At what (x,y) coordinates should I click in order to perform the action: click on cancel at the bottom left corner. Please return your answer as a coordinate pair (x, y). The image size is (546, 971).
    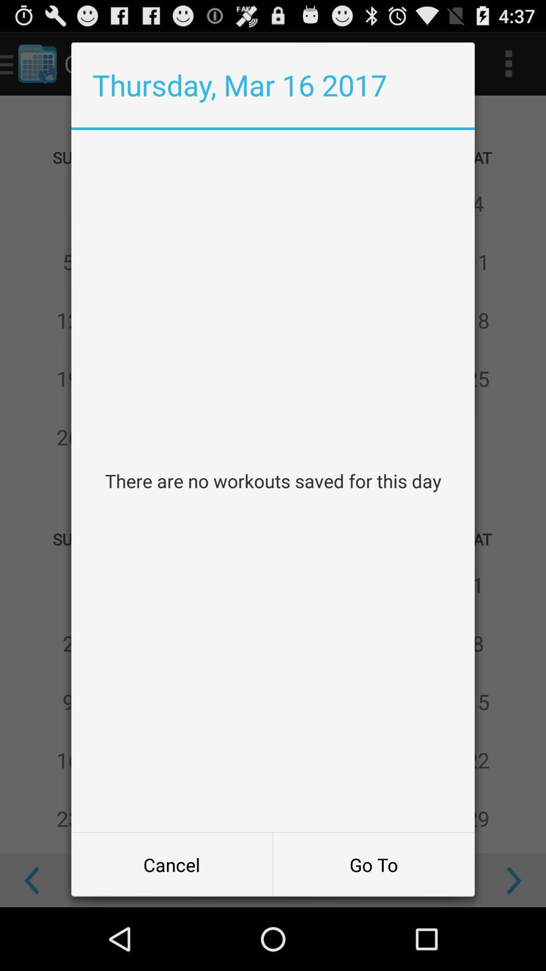
    Looking at the image, I should click on (171, 864).